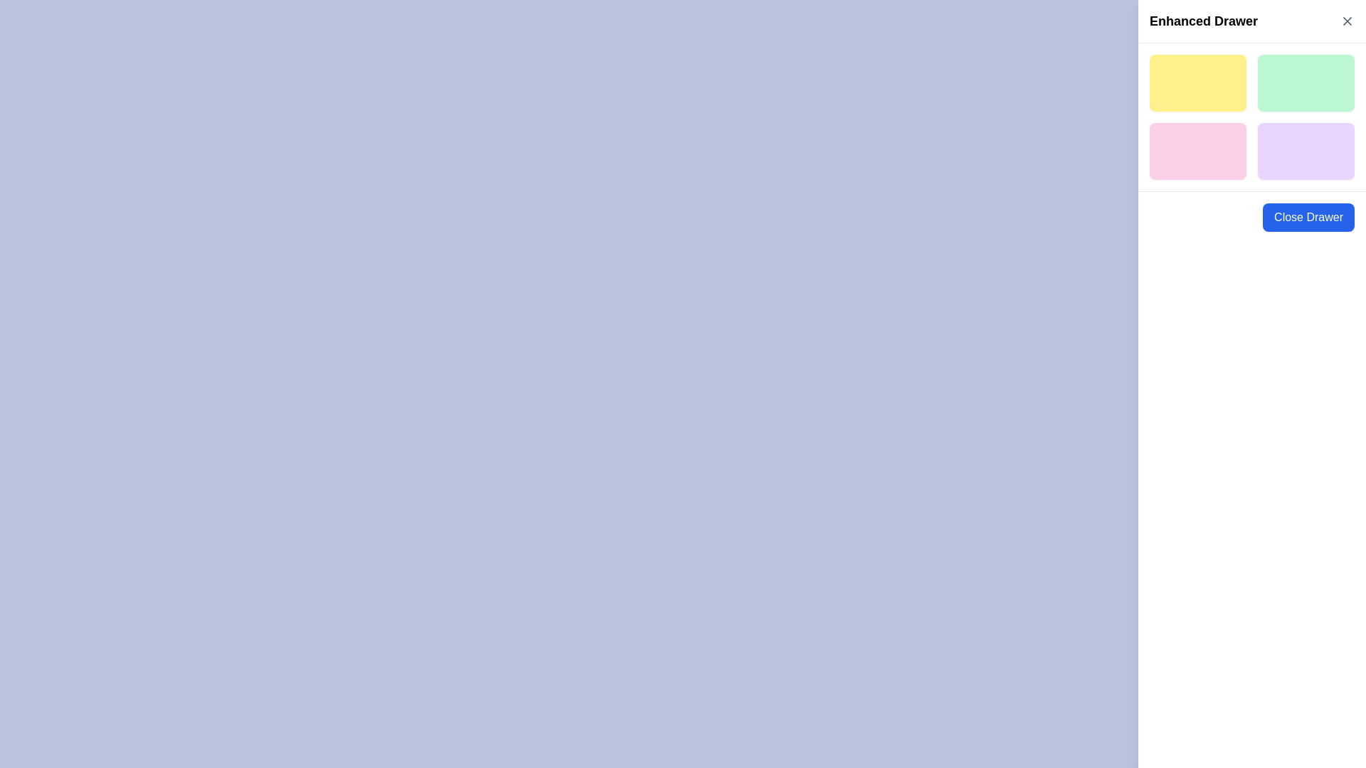 This screenshot has width=1366, height=768. What do you see at coordinates (1308, 217) in the screenshot?
I see `the 'Close Drawer' button, which is a rectangular button with white text on a bright blue background, located at the bottom-right area of the 'Enhanced Drawer' panel` at bounding box center [1308, 217].